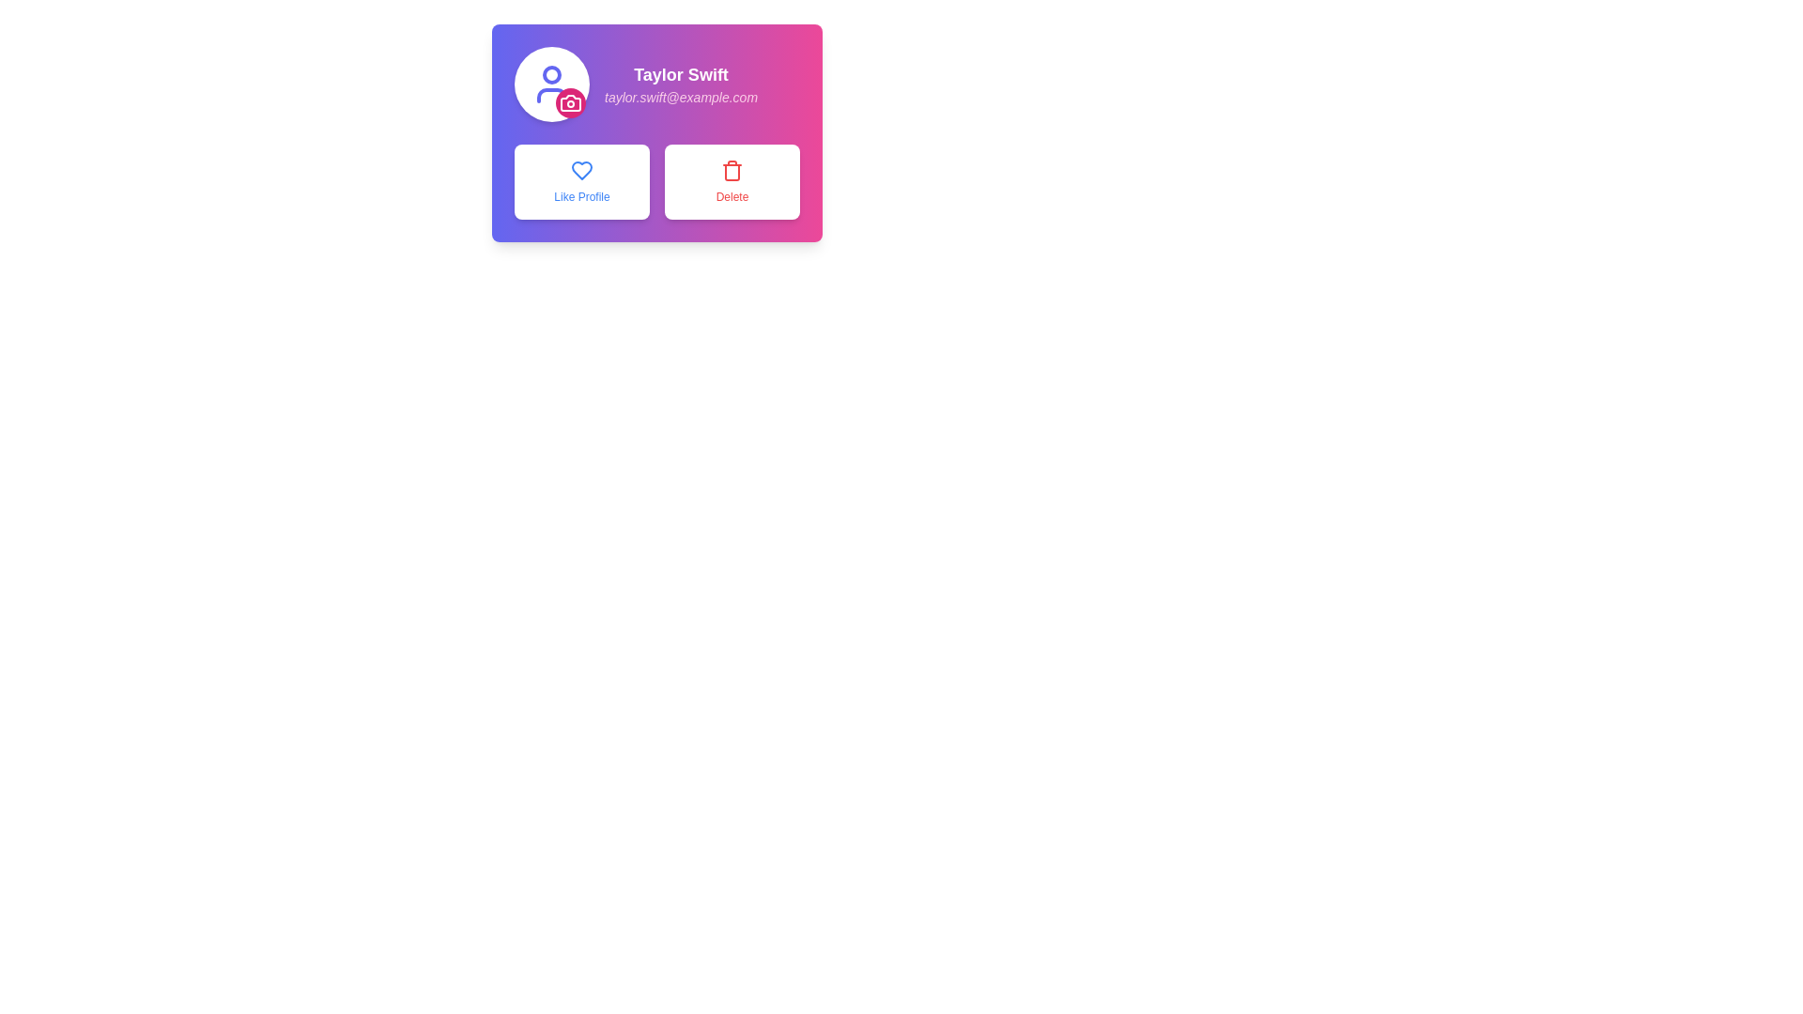 Image resolution: width=1803 pixels, height=1014 pixels. Describe the element at coordinates (680, 98) in the screenshot. I see `the text display element that shows the email address 'taylor.swift@example.com,' located below the name 'Taylor Swift' in the user profile card` at that location.